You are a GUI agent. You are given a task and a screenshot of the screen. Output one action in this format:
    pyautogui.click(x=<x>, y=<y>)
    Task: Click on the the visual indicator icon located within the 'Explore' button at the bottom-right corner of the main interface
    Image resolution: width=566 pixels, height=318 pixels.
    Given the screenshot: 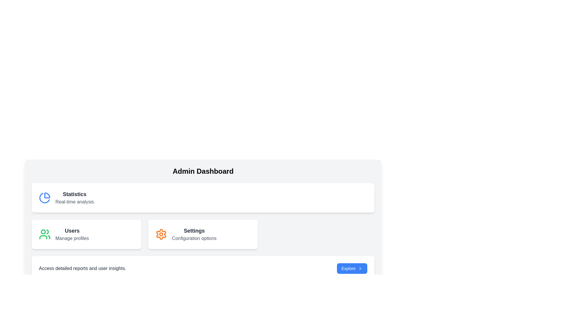 What is the action you would take?
    pyautogui.click(x=360, y=268)
    